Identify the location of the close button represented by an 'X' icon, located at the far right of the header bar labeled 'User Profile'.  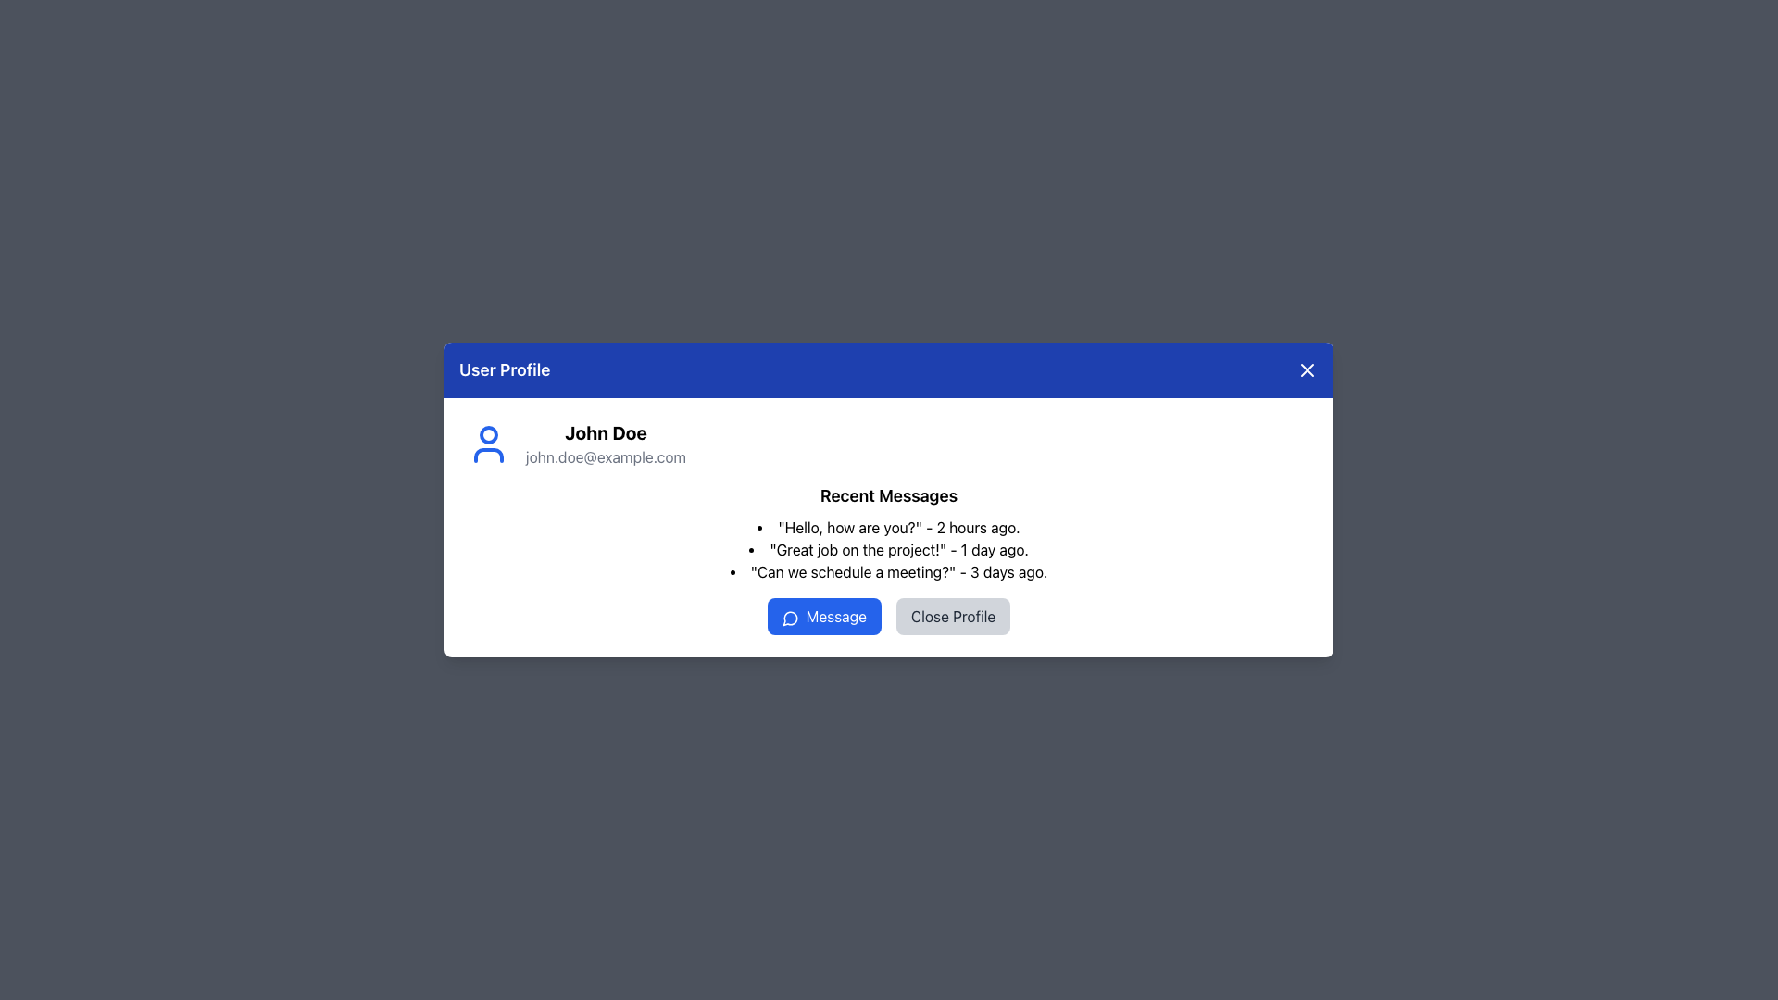
(1306, 370).